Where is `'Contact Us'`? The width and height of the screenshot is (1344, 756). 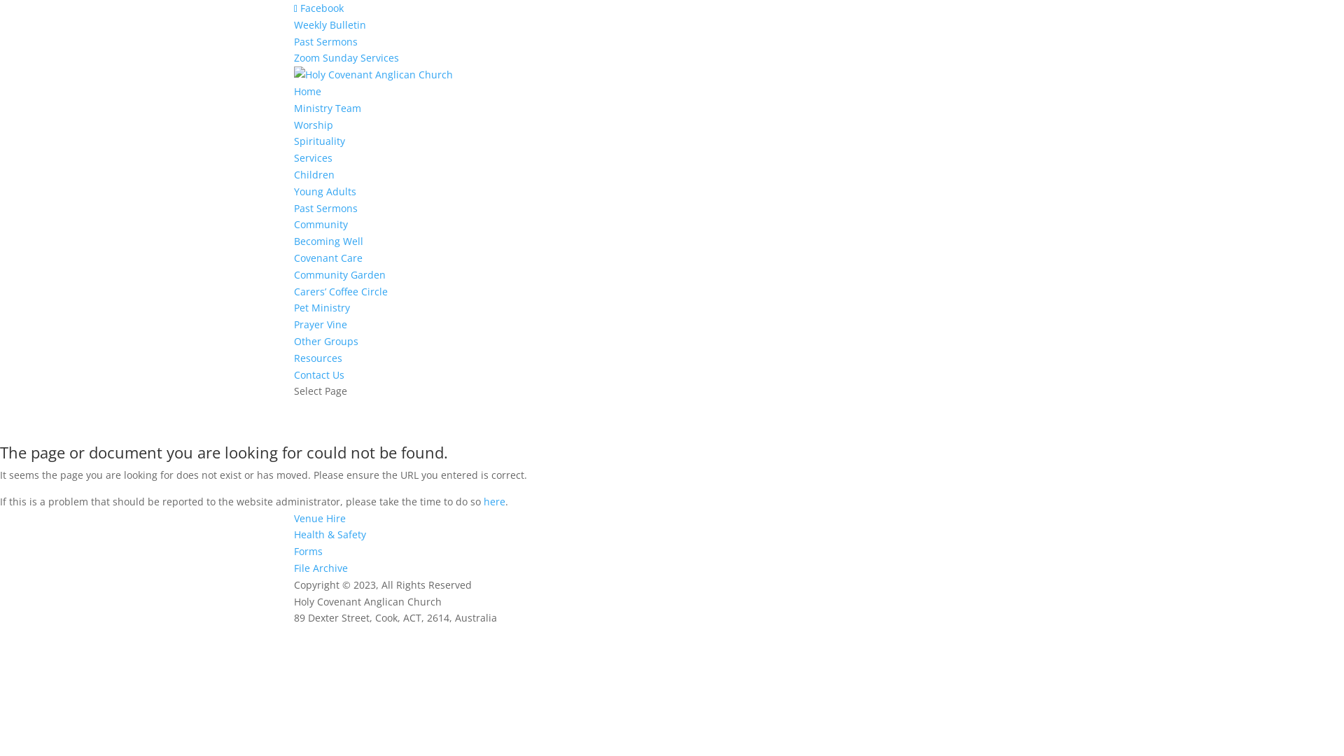
'Contact Us' is located at coordinates (318, 374).